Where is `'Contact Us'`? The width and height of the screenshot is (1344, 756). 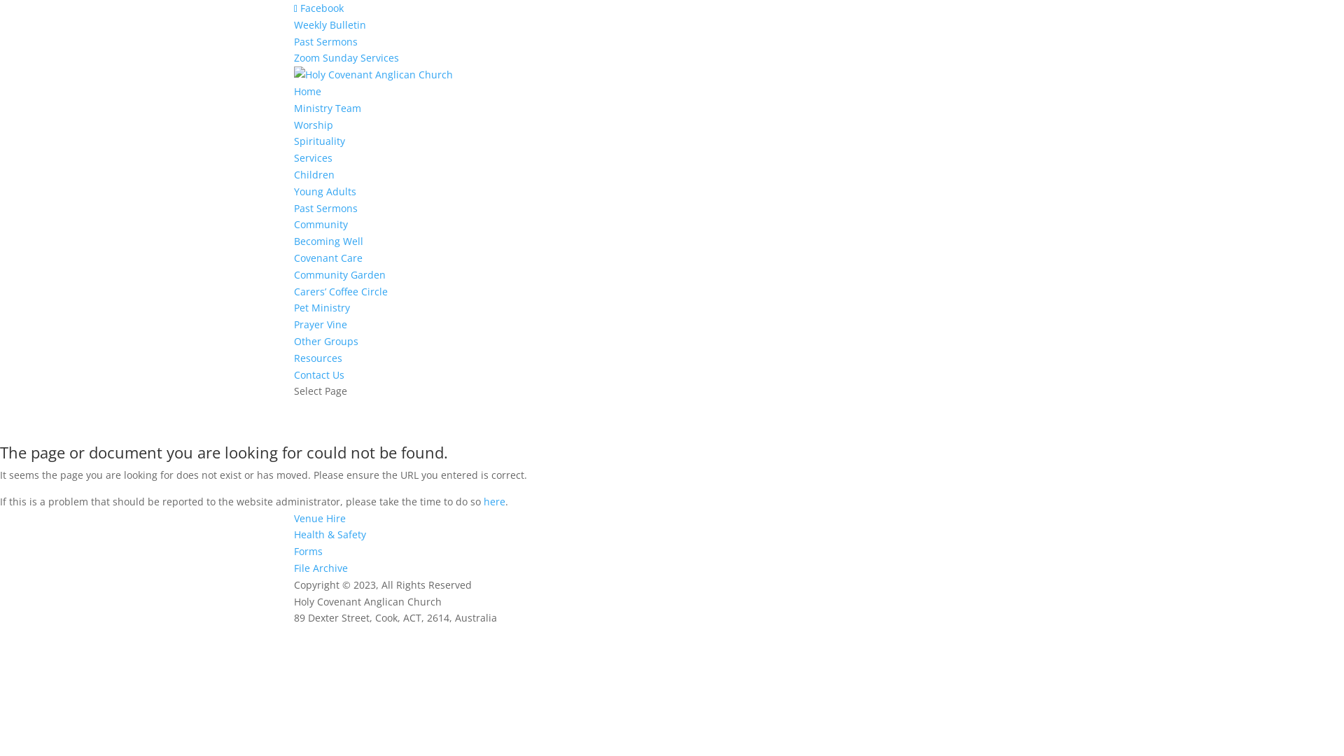
'Contact Us' is located at coordinates (318, 374).